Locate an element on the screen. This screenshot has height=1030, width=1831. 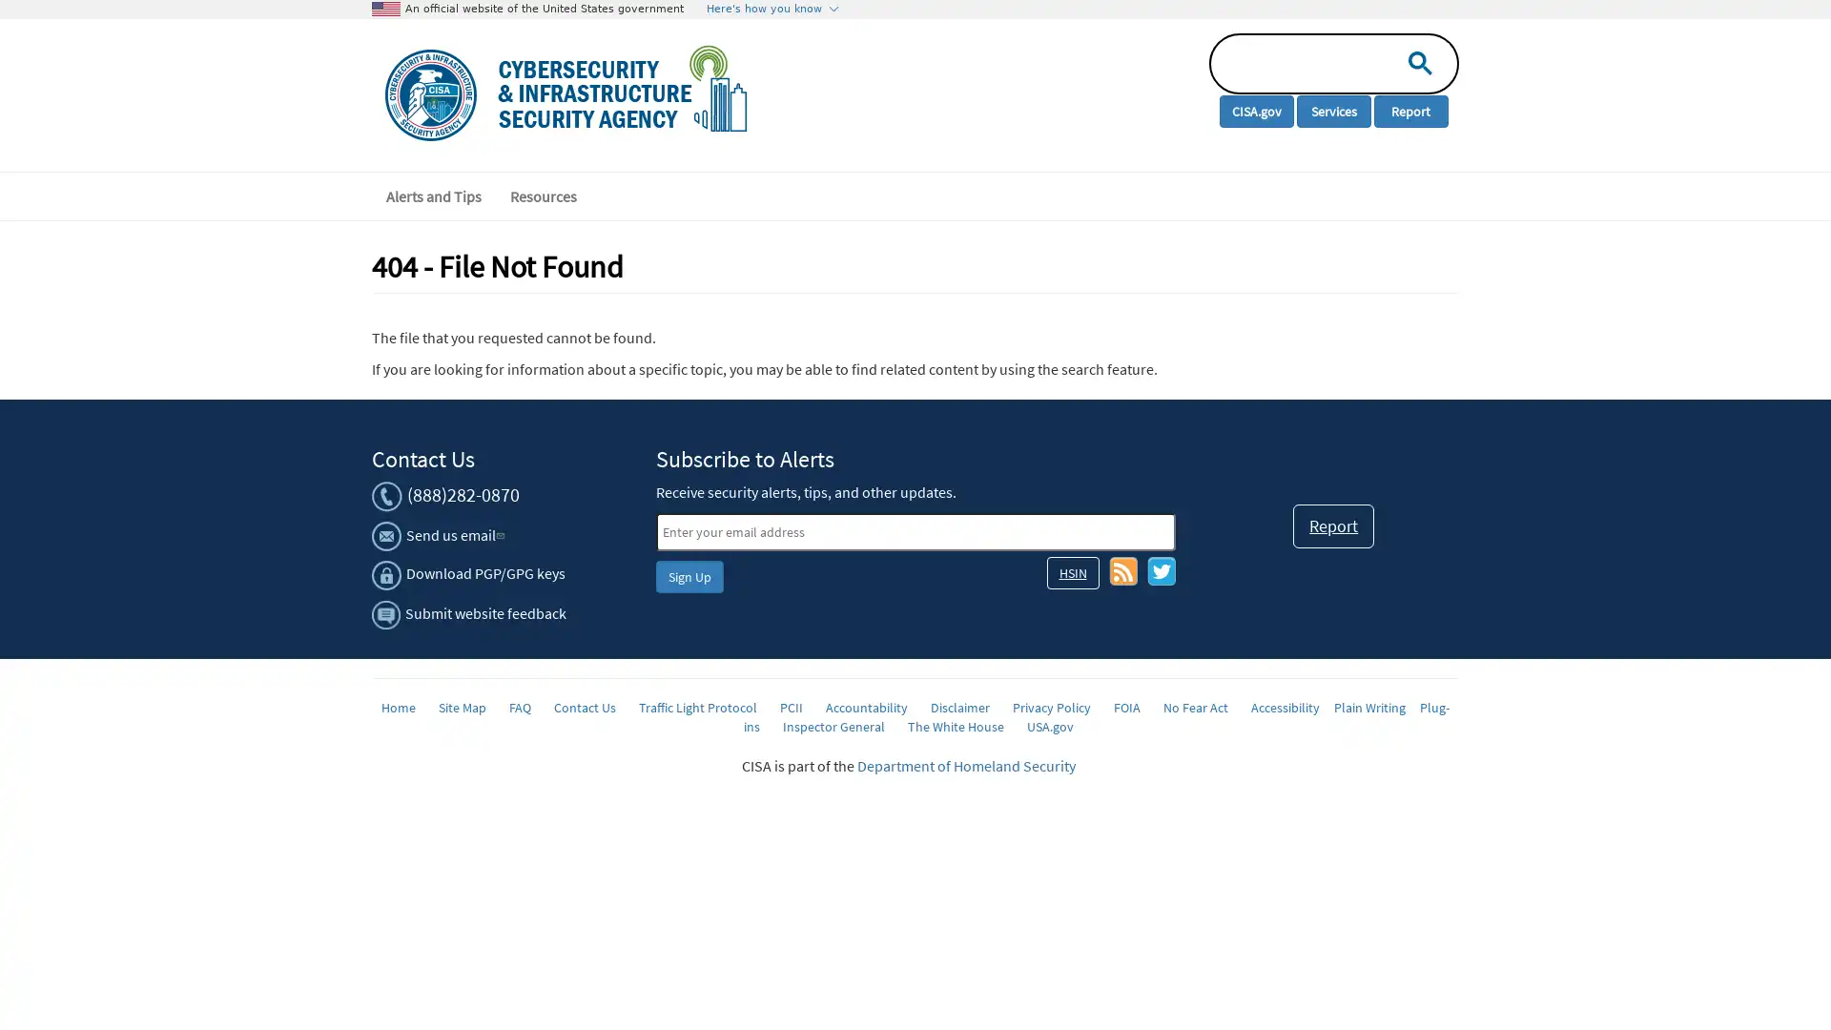
Sign Up is located at coordinates (688, 575).